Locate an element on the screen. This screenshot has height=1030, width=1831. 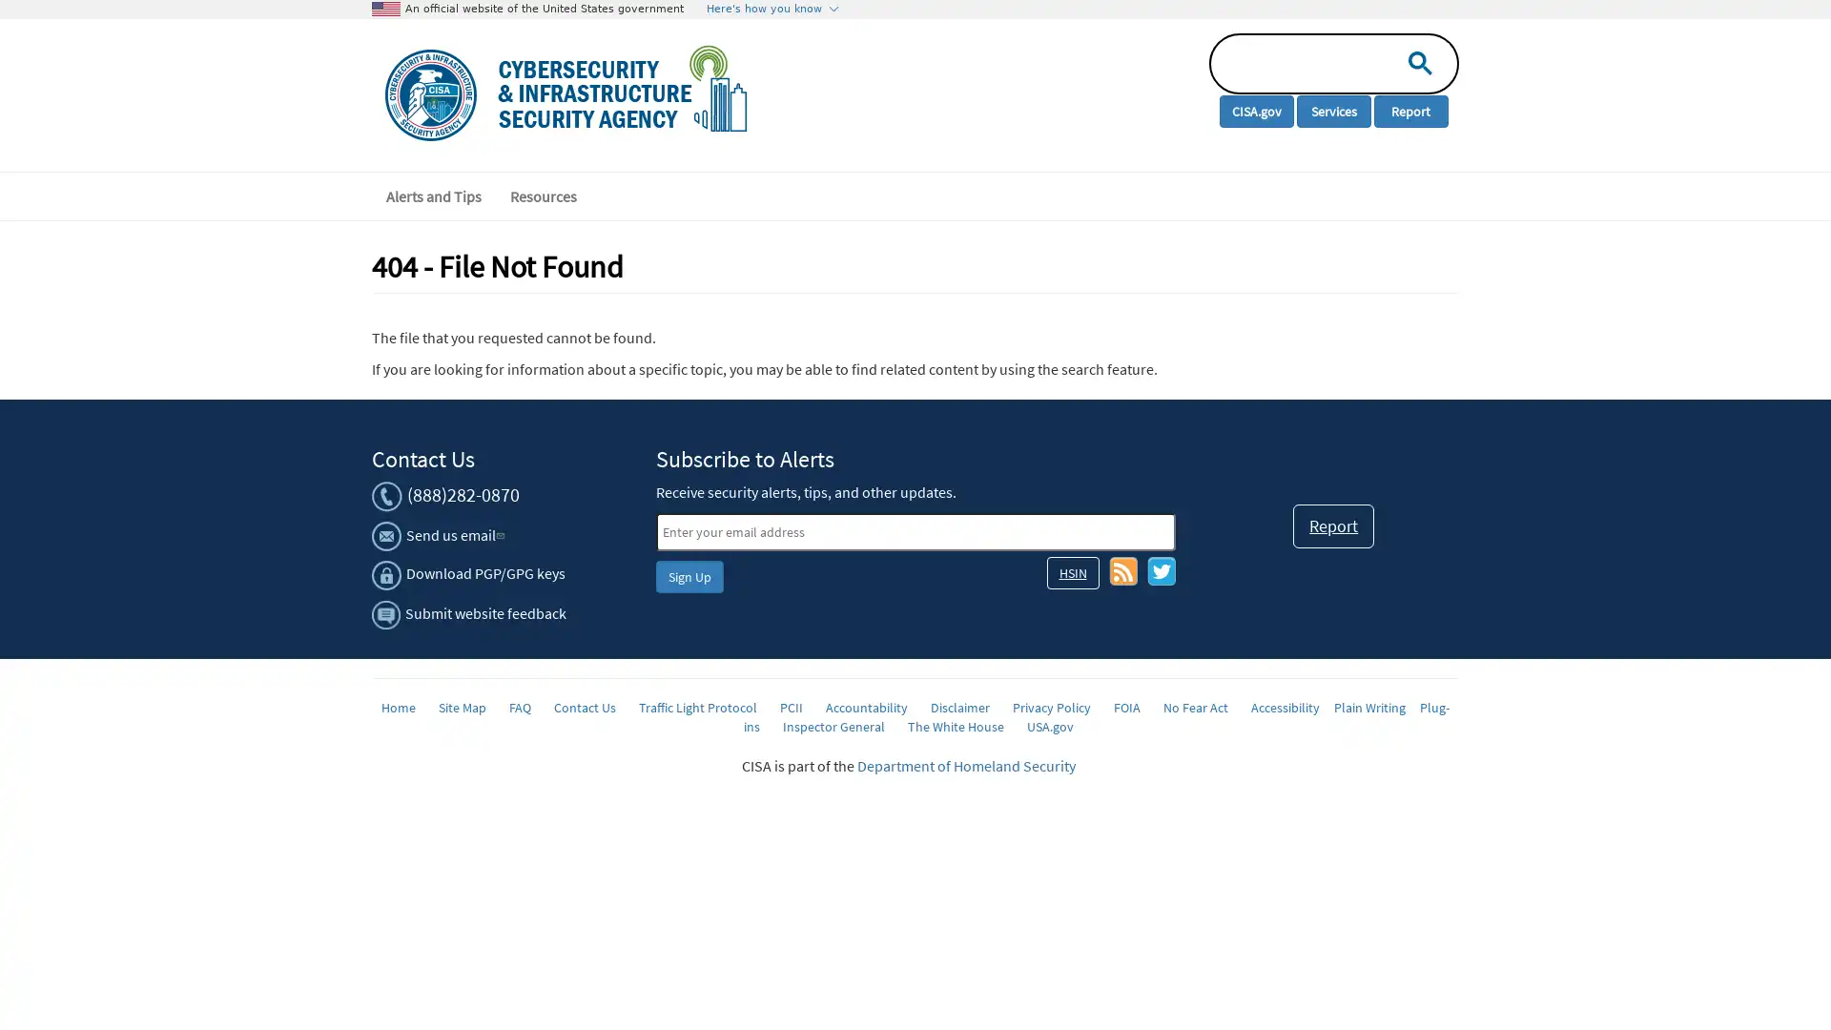
Sign Up is located at coordinates (688, 575).